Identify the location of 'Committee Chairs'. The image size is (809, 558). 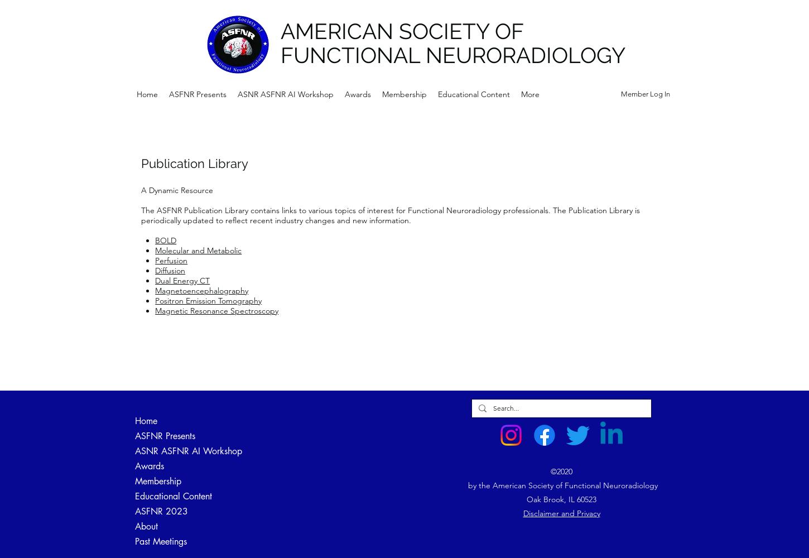
(324, 541).